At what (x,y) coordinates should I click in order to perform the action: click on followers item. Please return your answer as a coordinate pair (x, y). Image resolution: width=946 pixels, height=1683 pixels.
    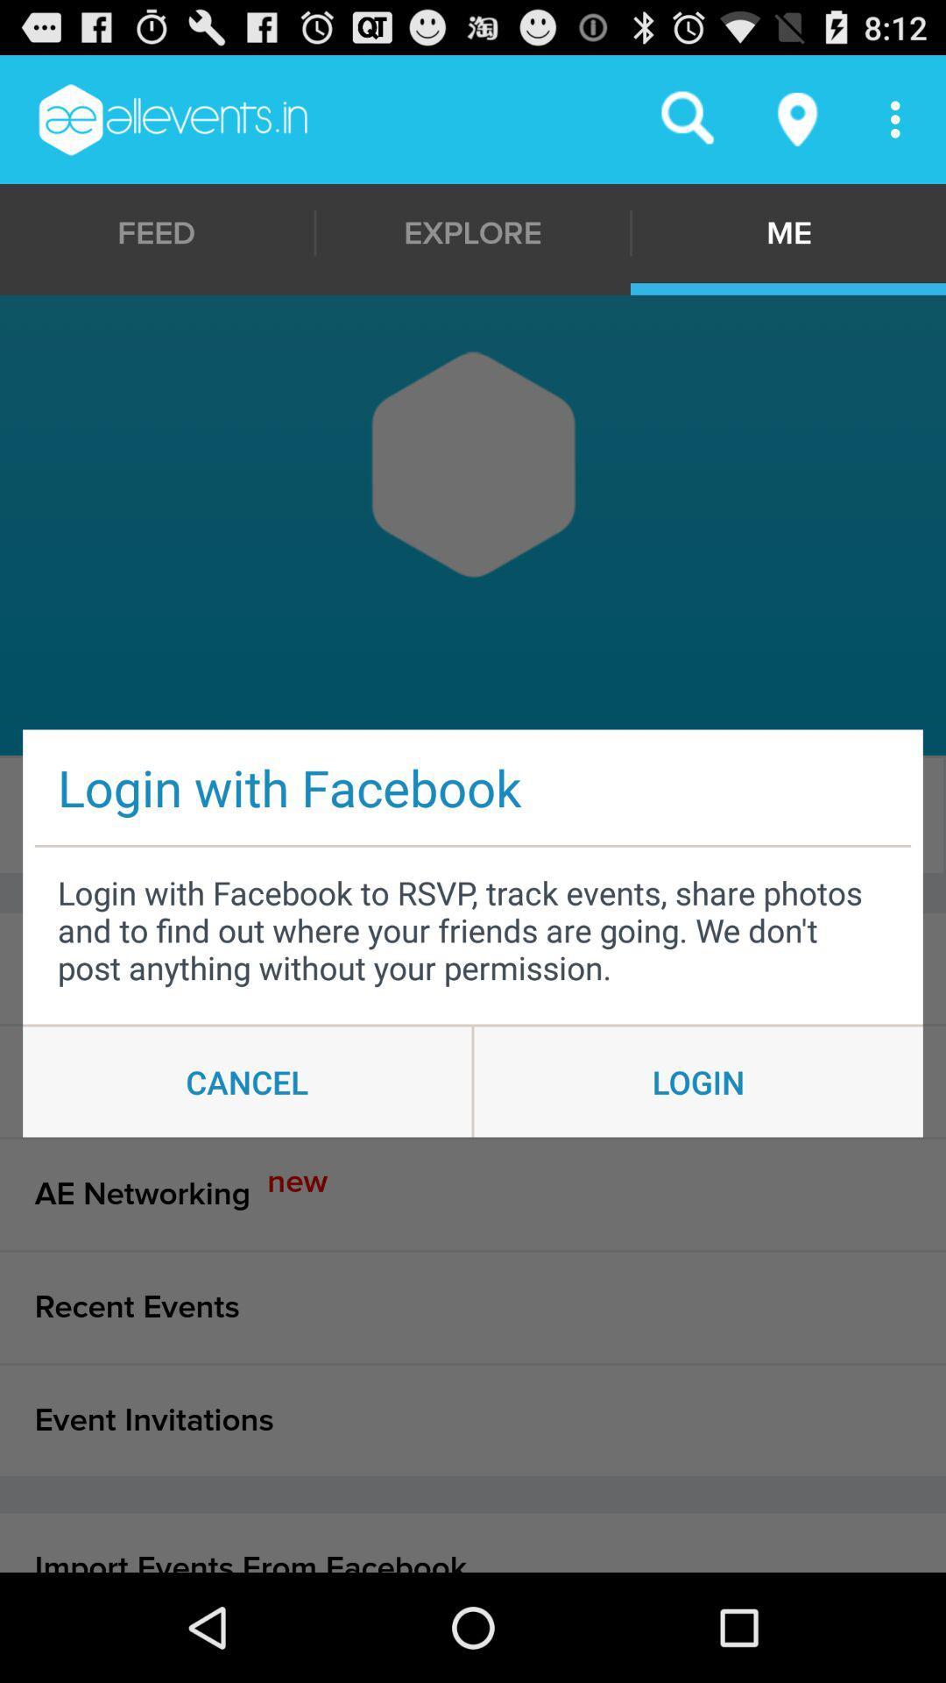
    Looking at the image, I should click on (468, 814).